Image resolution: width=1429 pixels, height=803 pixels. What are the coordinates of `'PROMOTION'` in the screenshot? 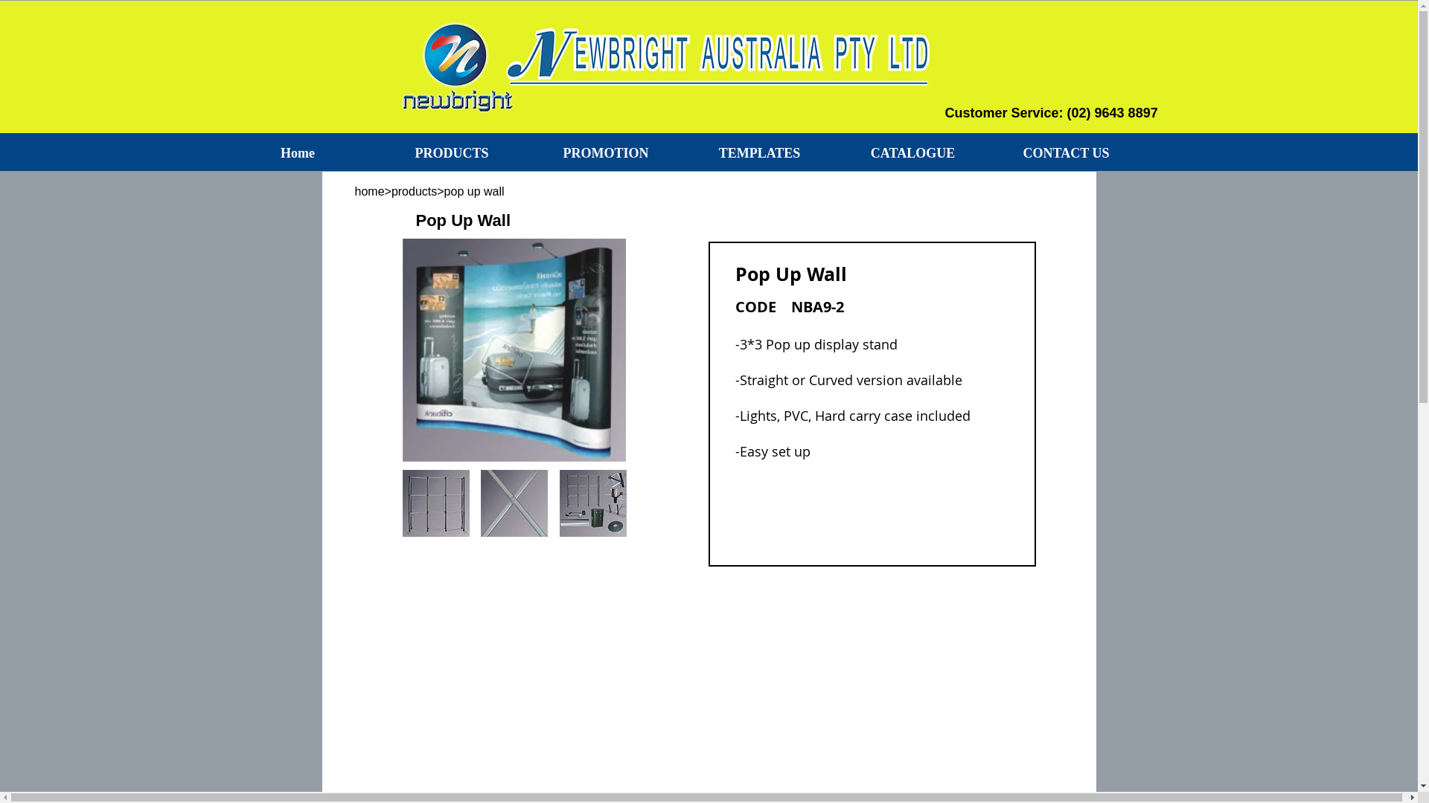 It's located at (605, 152).